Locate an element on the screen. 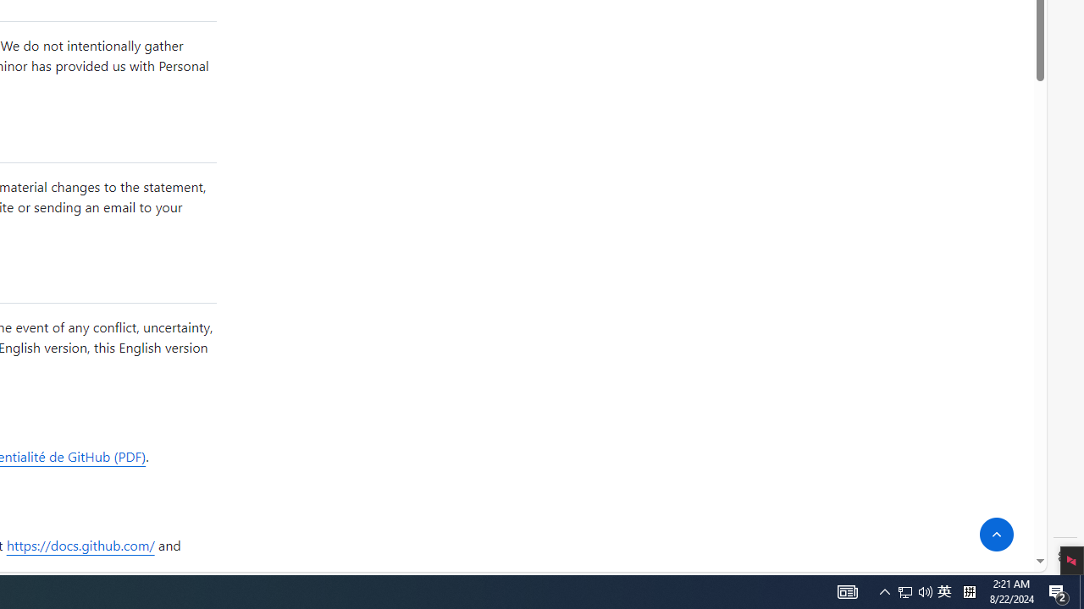 The width and height of the screenshot is (1084, 609). 'https://docs.github.com/' is located at coordinates (79, 545).